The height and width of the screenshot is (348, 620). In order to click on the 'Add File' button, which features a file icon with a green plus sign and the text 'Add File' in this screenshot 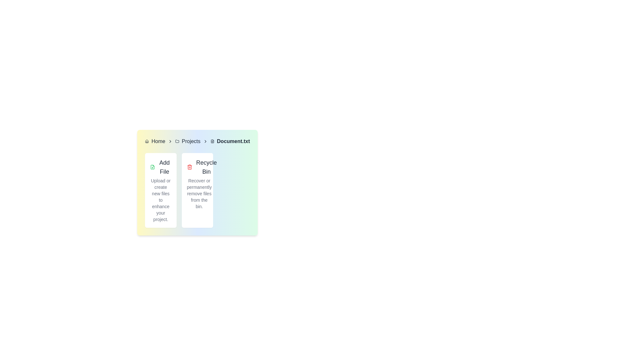, I will do `click(160, 167)`.